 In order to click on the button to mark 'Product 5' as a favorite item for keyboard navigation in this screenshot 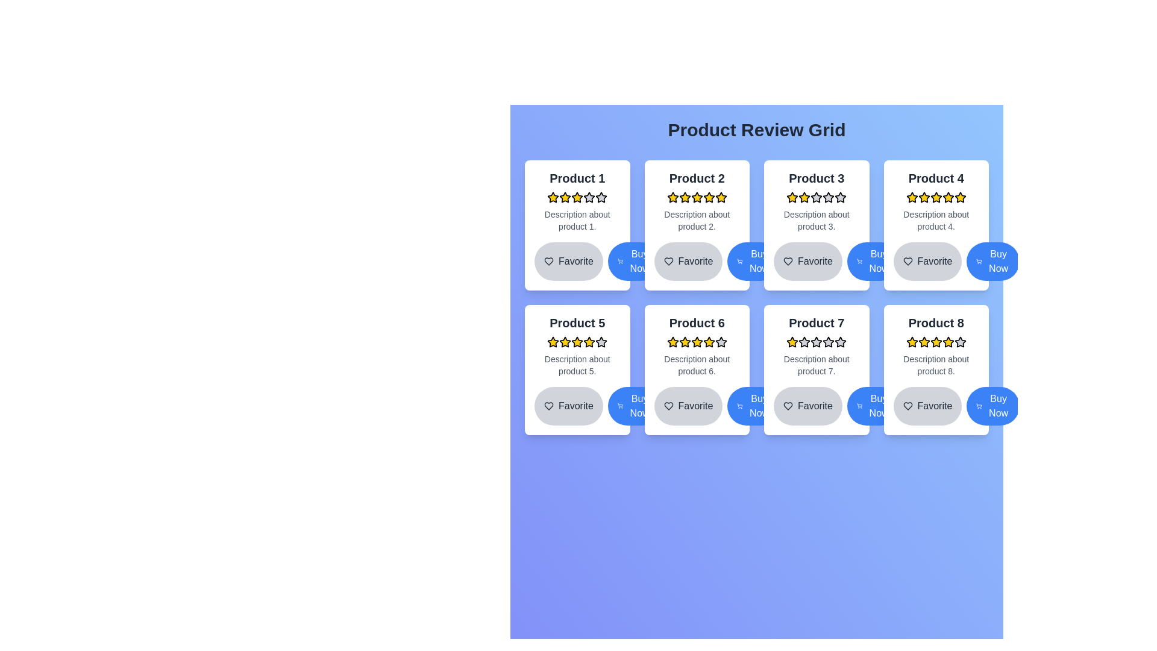, I will do `click(577, 406)`.